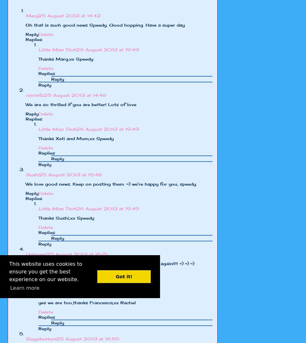 The width and height of the screenshot is (306, 343). What do you see at coordinates (25, 25) in the screenshot?
I see `'Oh that is such good news Speedy. Good hopping. Have a super day.'` at bounding box center [25, 25].